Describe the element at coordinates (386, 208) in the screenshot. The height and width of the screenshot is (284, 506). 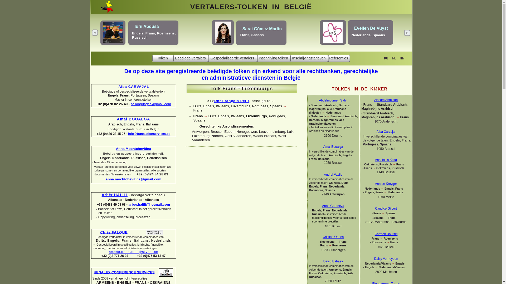
I see `'Candice Gilbert'` at that location.